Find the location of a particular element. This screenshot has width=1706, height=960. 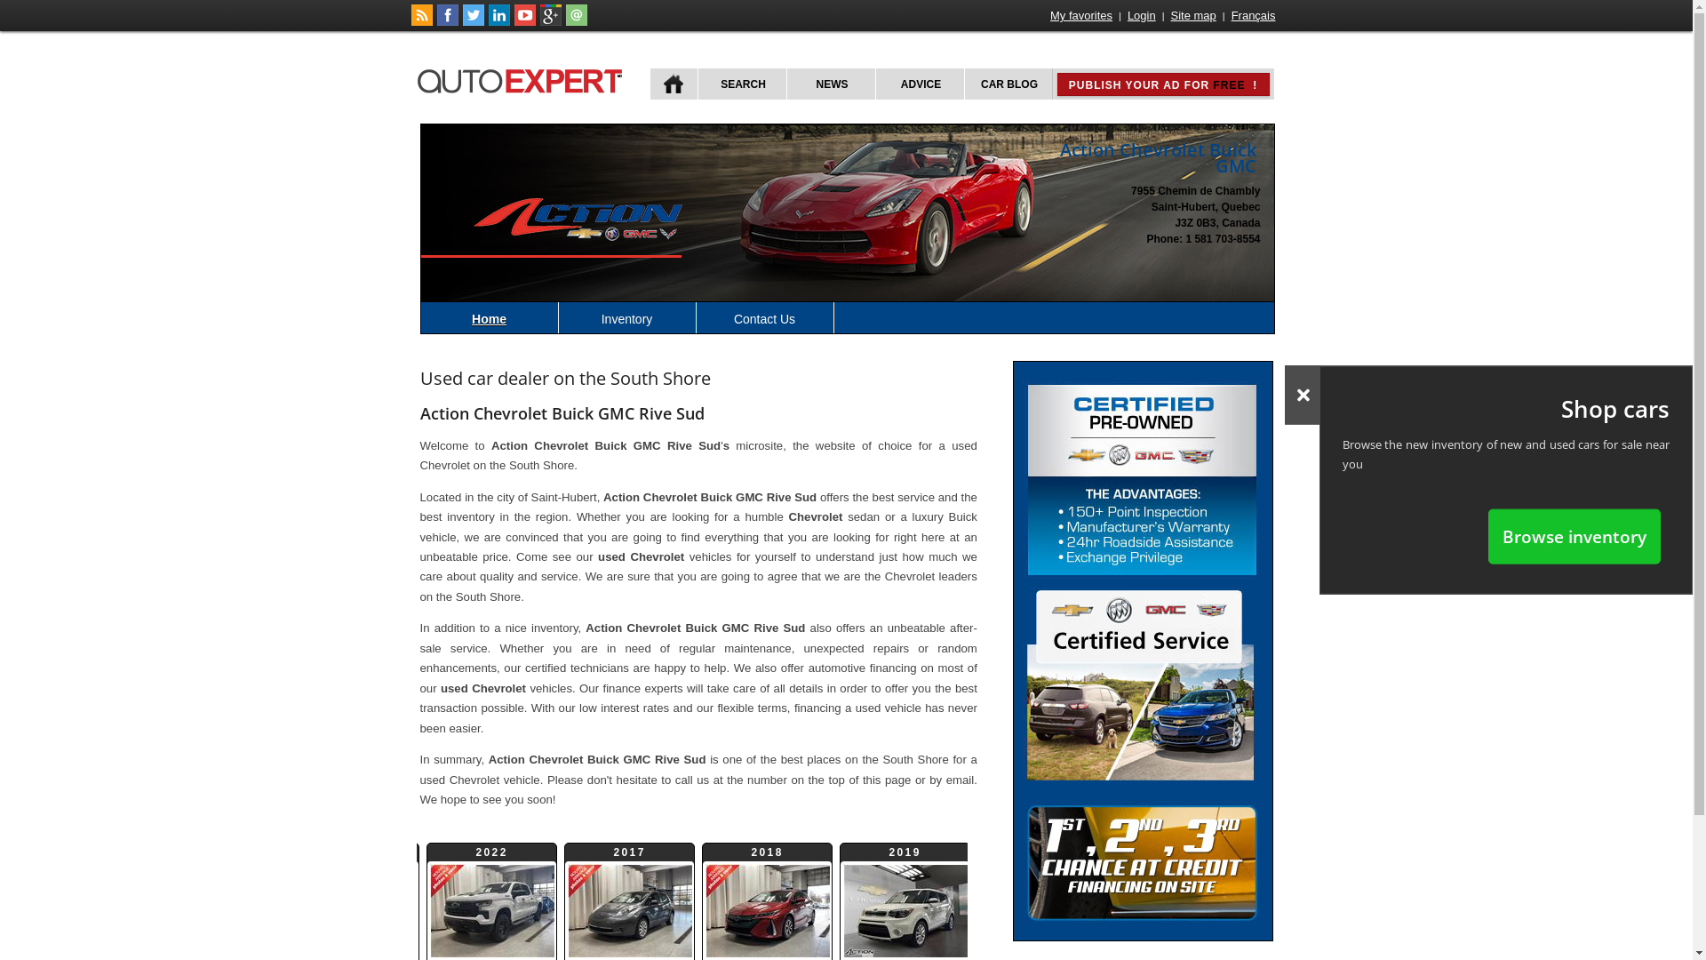

'Follow car news on autoExpert.ca' is located at coordinates (420, 21).